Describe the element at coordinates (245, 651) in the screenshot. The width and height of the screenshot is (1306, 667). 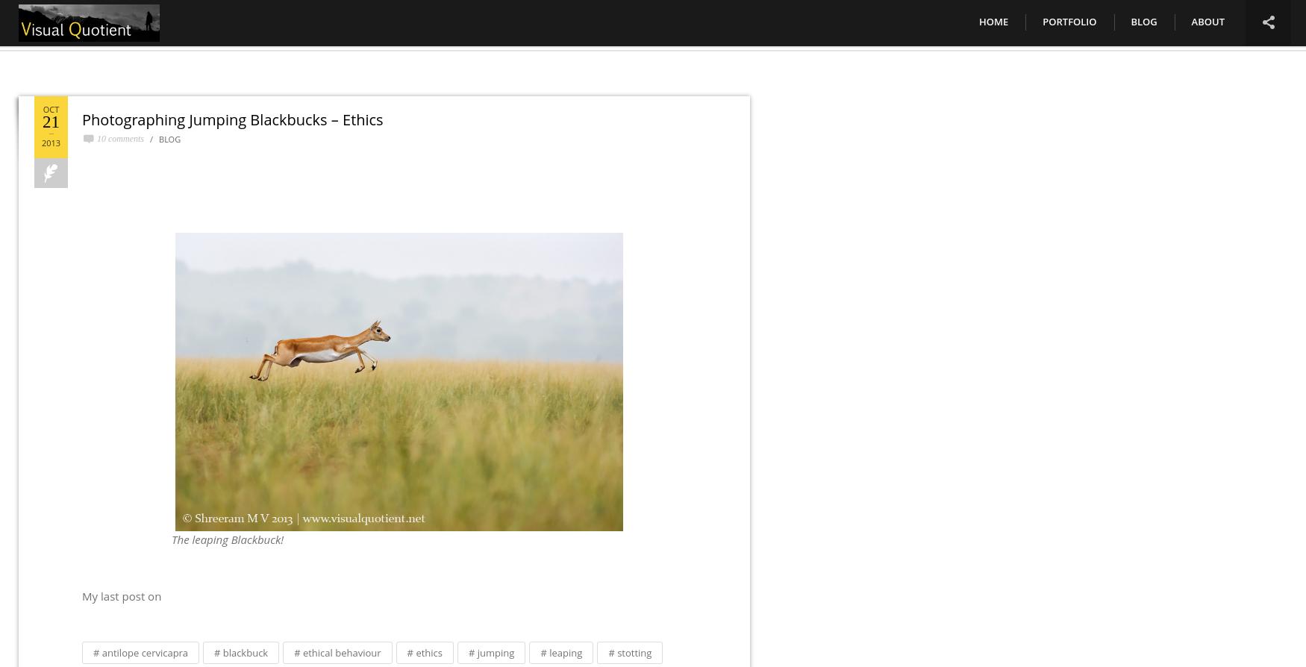
I see `'blackbuck'` at that location.